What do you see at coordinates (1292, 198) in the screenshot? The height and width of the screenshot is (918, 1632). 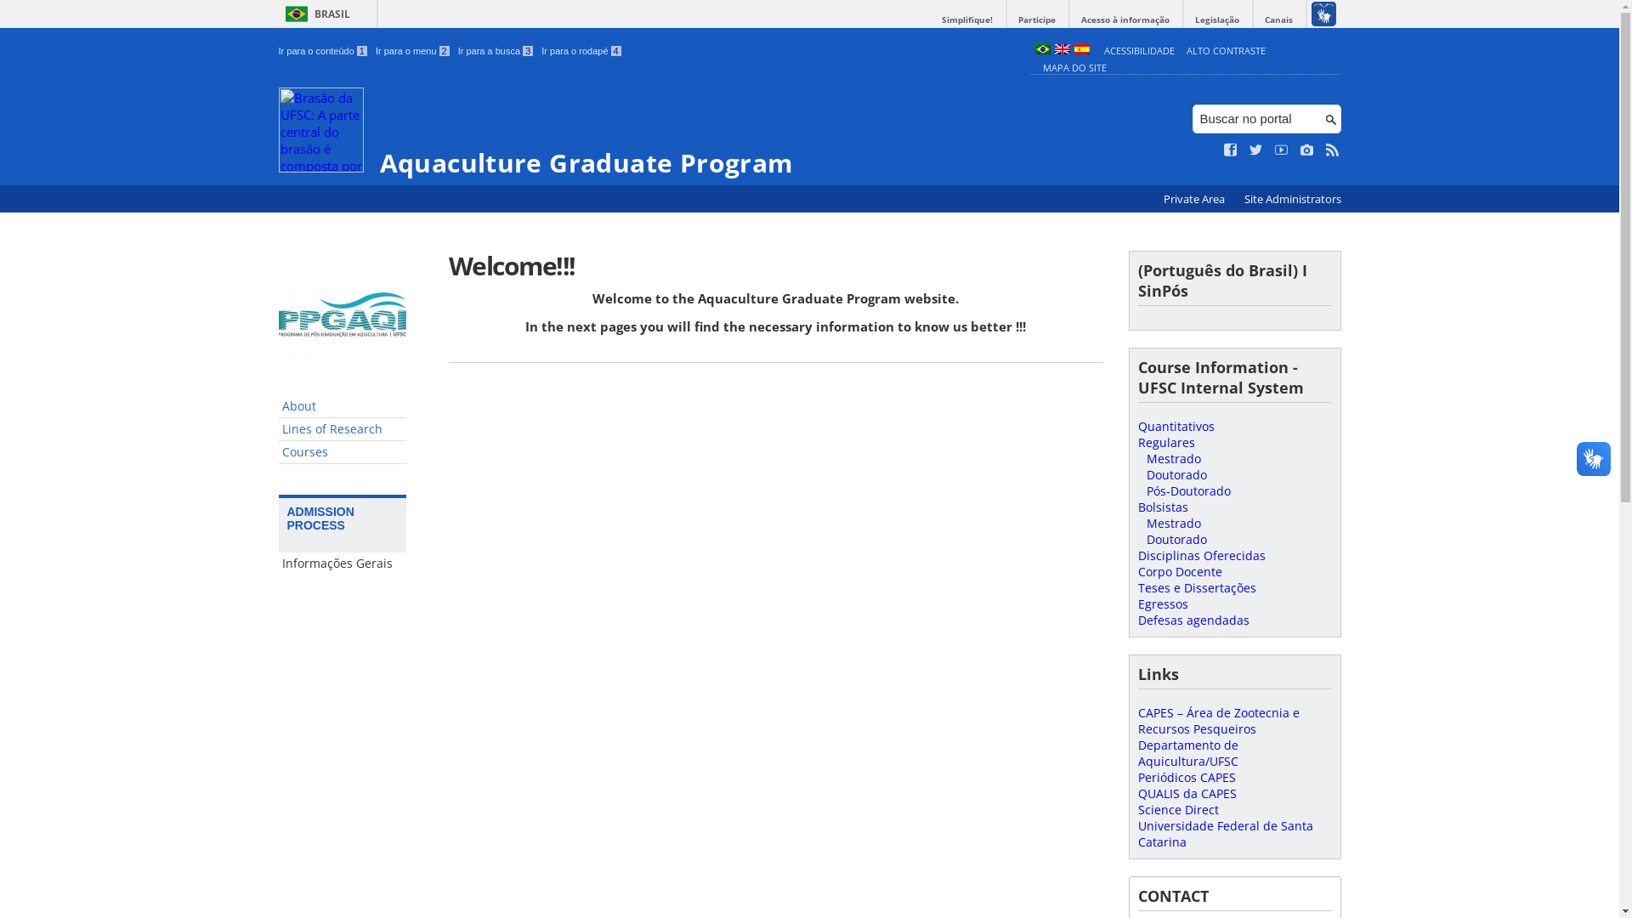 I see `'Site Administrators'` at bounding box center [1292, 198].